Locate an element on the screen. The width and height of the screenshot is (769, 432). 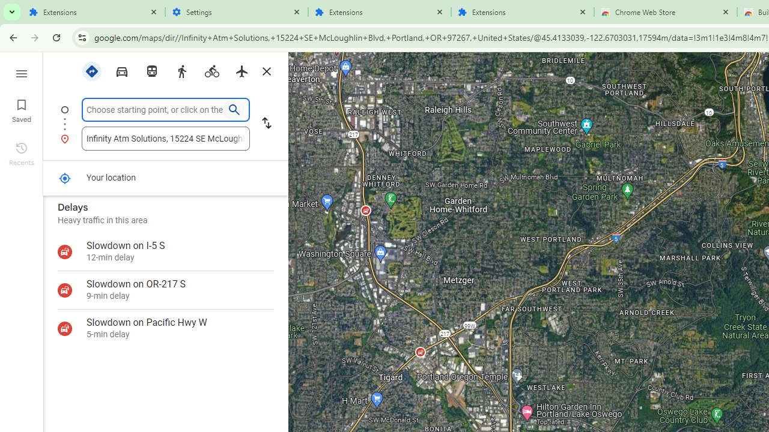
'Recents' is located at coordinates (21, 152).